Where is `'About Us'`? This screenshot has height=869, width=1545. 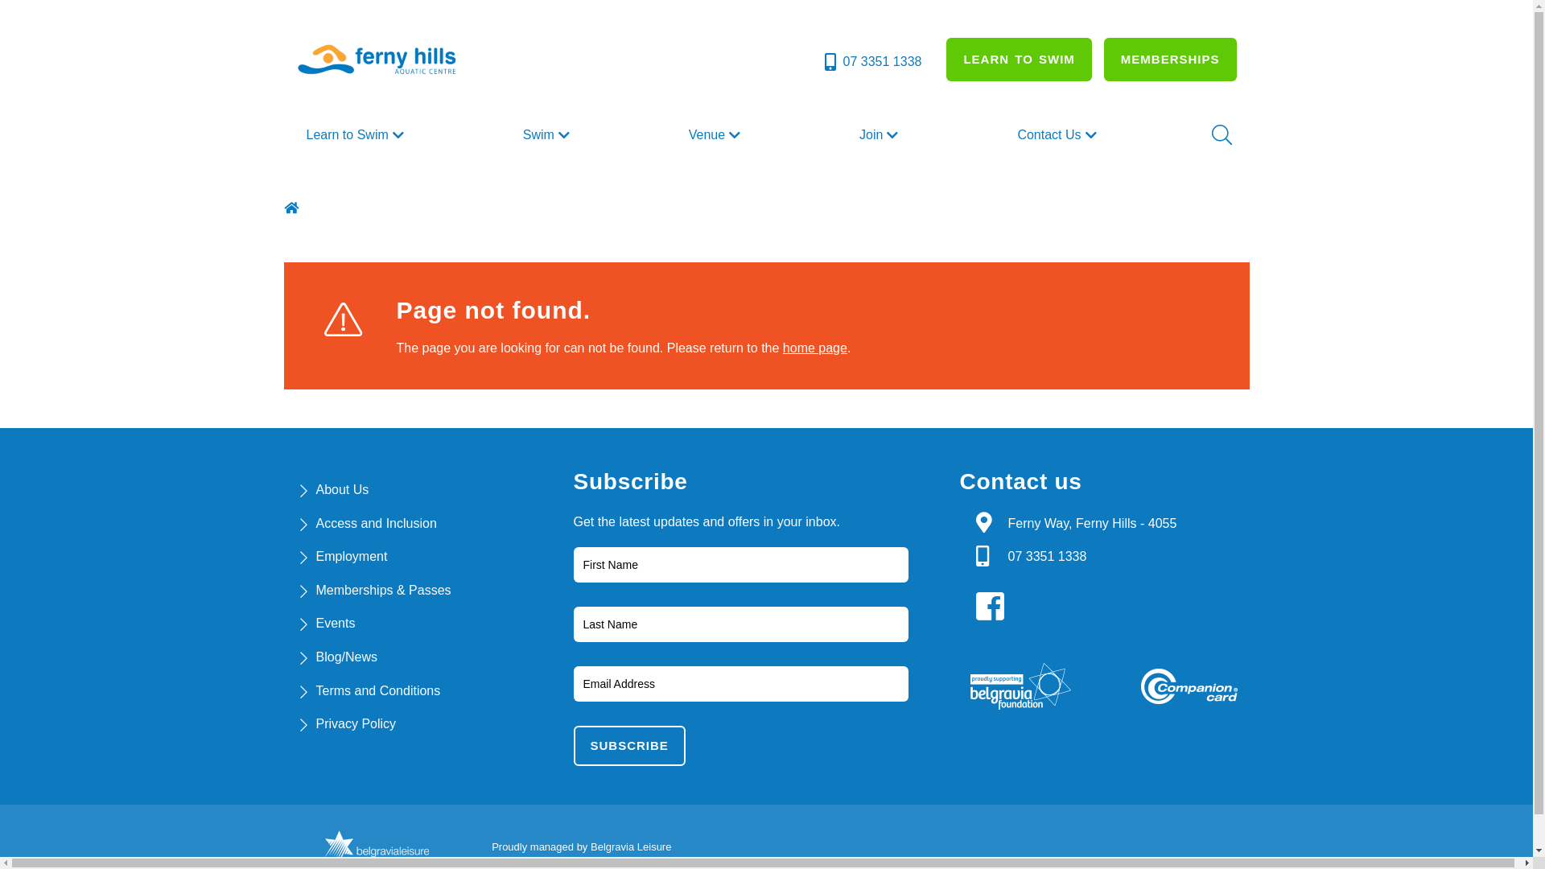 'About Us' is located at coordinates (341, 488).